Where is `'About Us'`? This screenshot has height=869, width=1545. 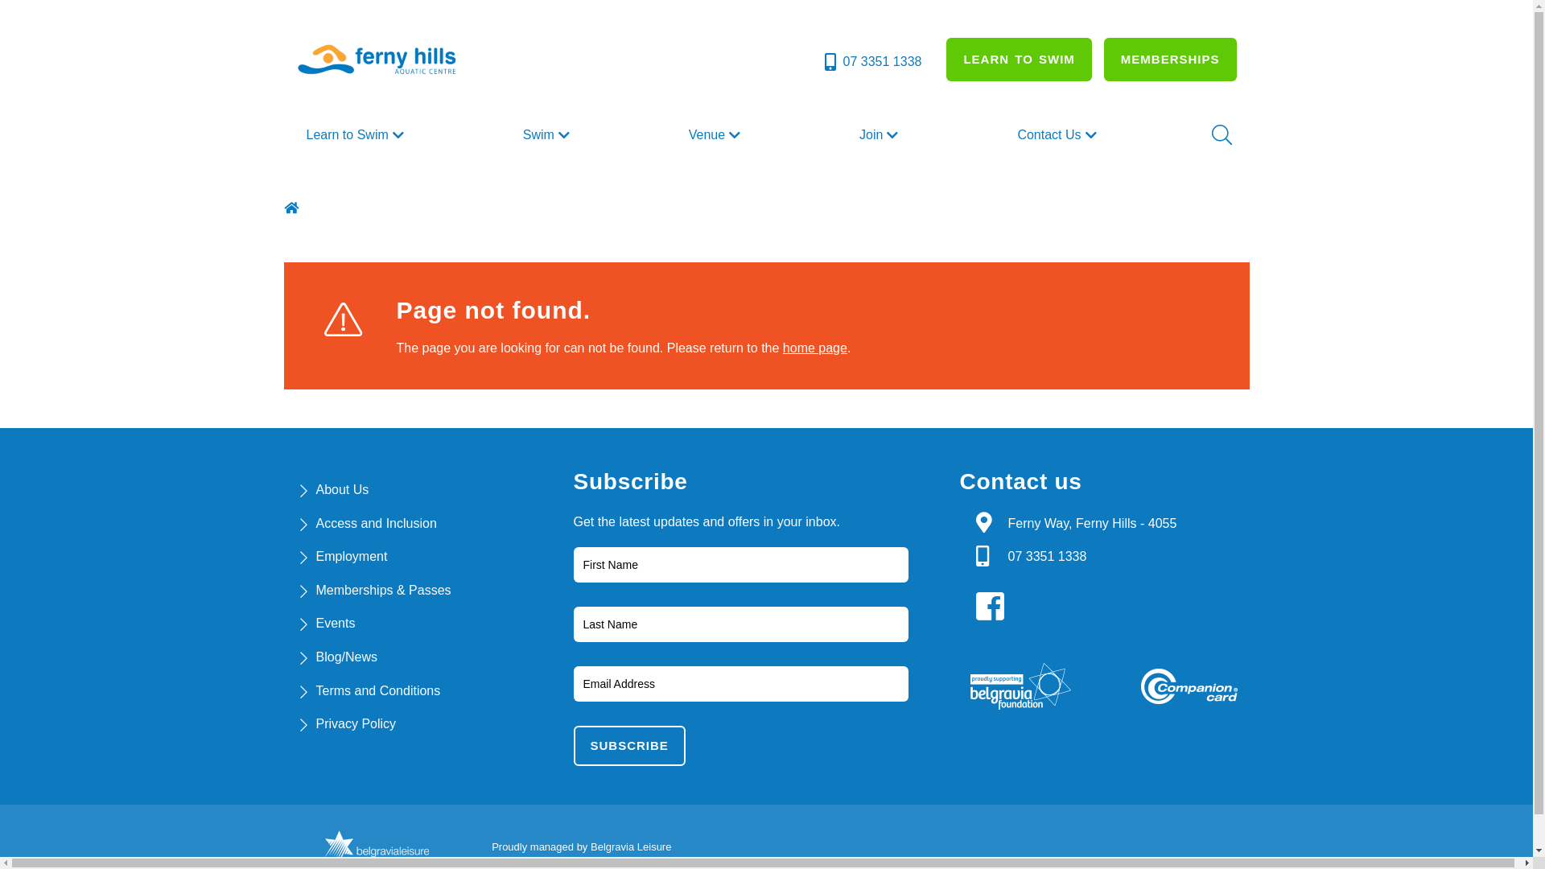 'About Us' is located at coordinates (341, 488).